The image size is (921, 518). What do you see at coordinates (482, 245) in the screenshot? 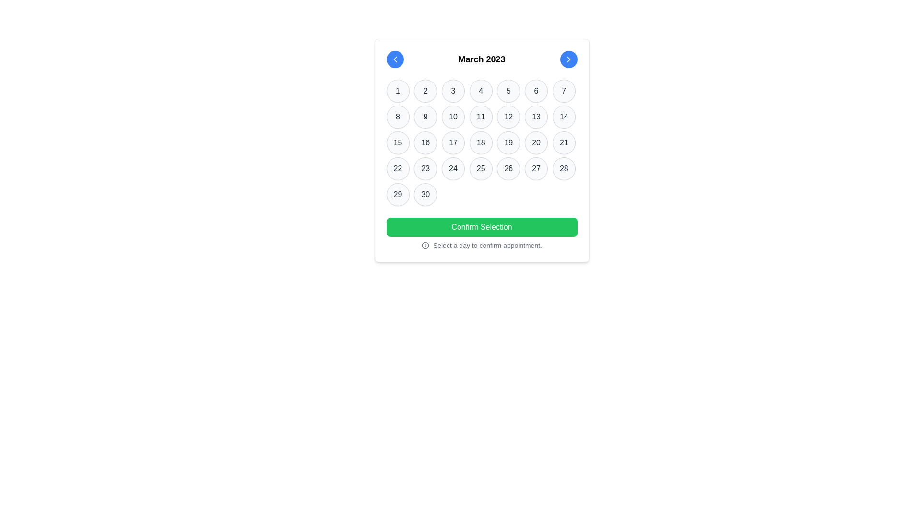
I see `the icon in the Label that provides additional information about confirming an appointment, which is located below the 'Confirm Selection' button in the modal` at bounding box center [482, 245].